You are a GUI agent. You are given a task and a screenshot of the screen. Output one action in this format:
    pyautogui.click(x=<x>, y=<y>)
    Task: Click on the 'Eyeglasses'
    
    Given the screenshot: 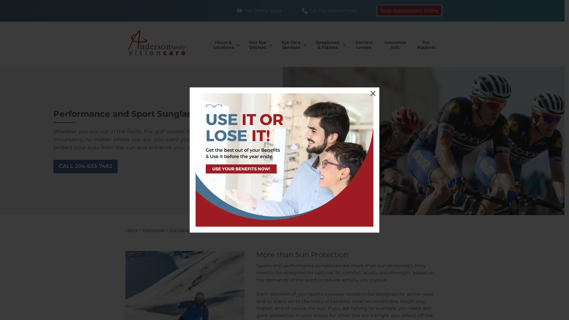 What is the action you would take?
    pyautogui.click(x=154, y=229)
    